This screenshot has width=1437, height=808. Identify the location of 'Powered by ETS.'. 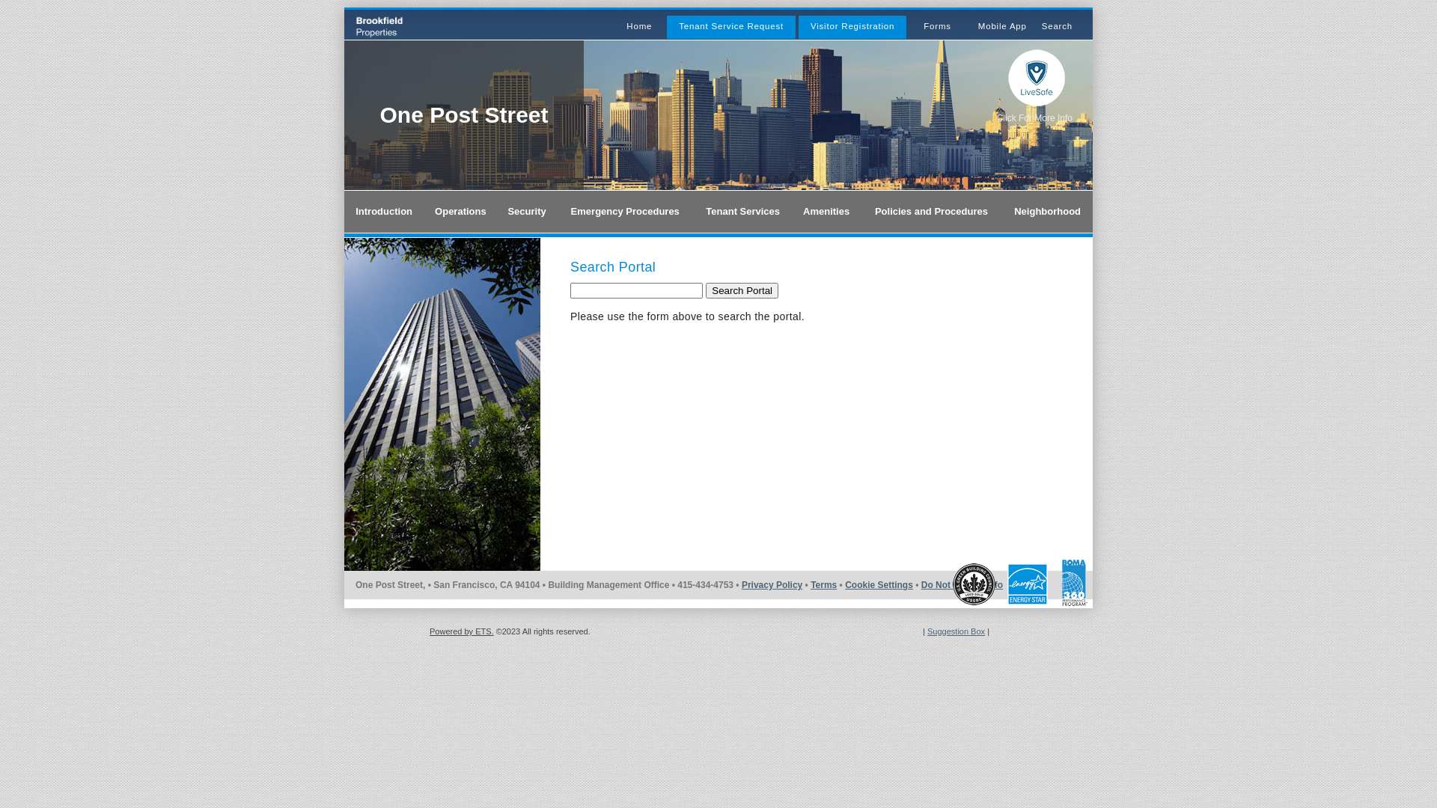
(461, 631).